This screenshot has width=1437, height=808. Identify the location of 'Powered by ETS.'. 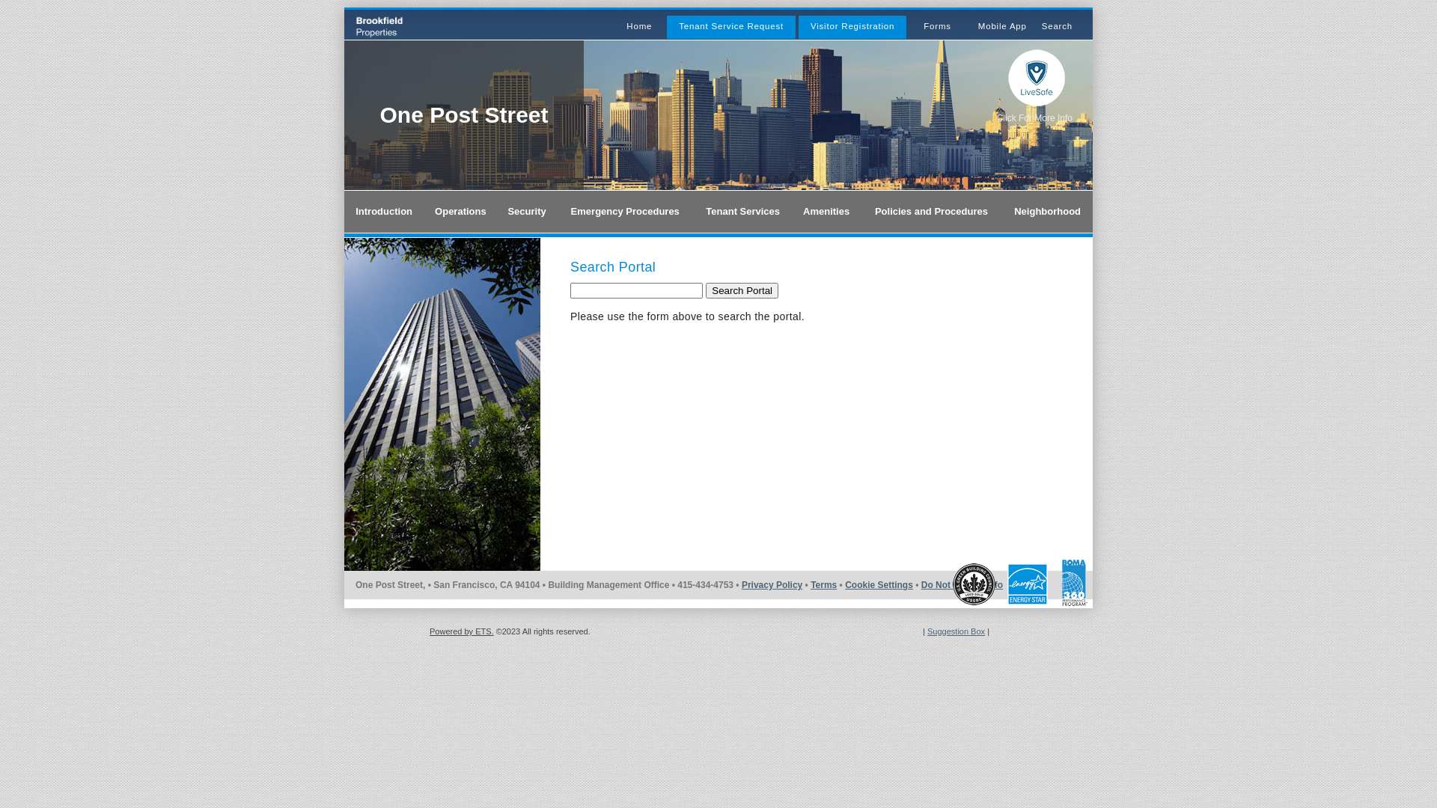
(461, 631).